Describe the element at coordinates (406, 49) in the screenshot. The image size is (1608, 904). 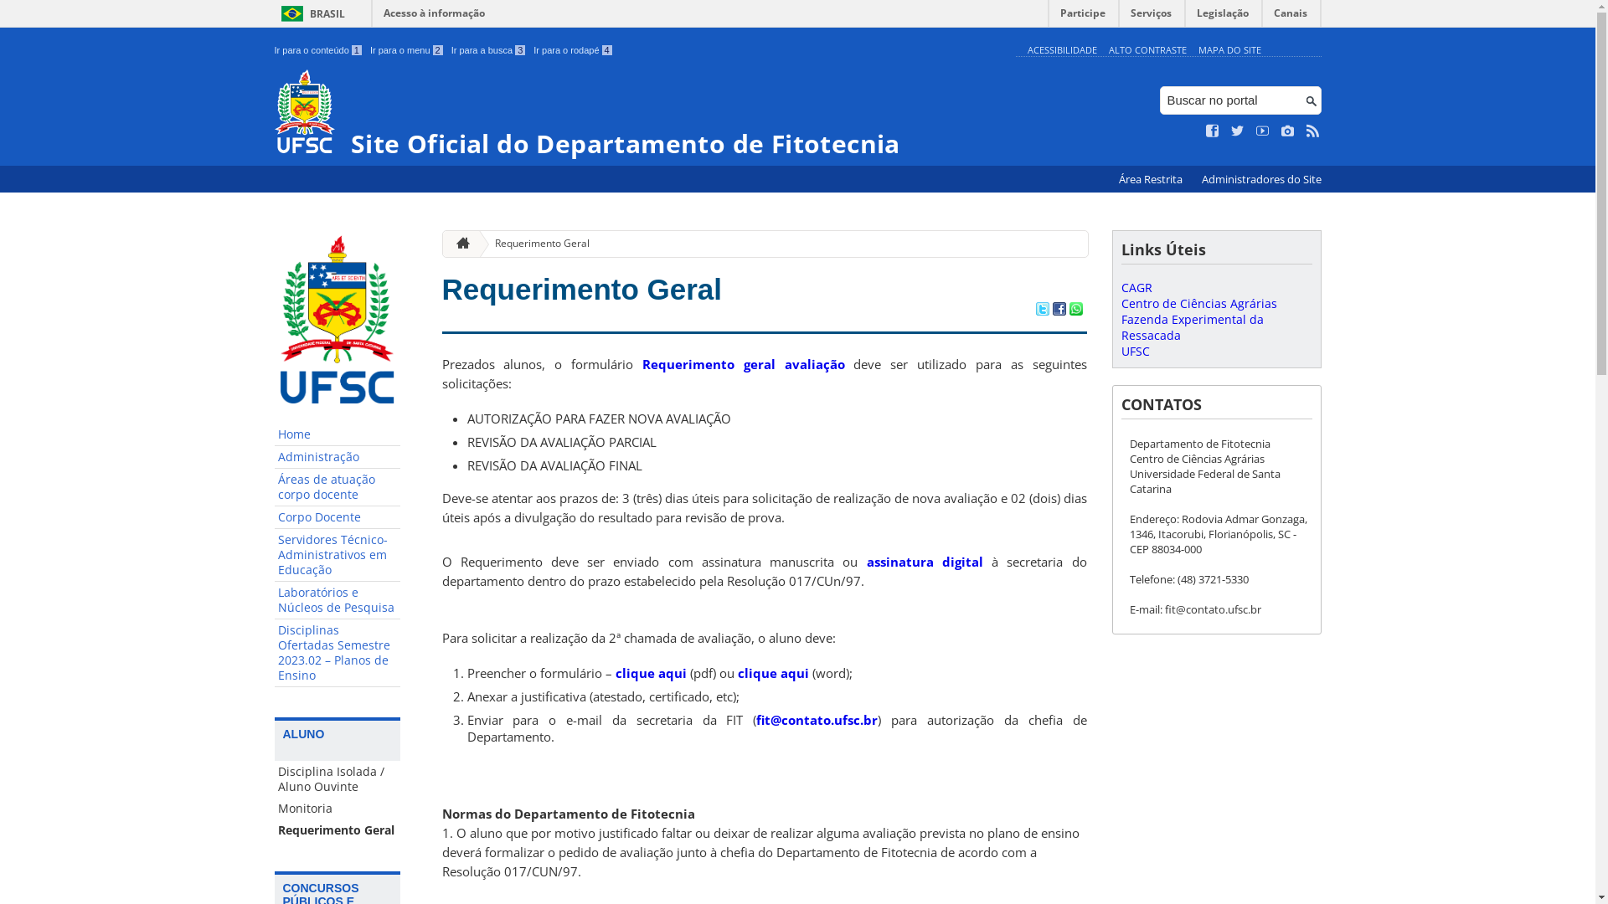
I see `'Ir para o menu 2'` at that location.